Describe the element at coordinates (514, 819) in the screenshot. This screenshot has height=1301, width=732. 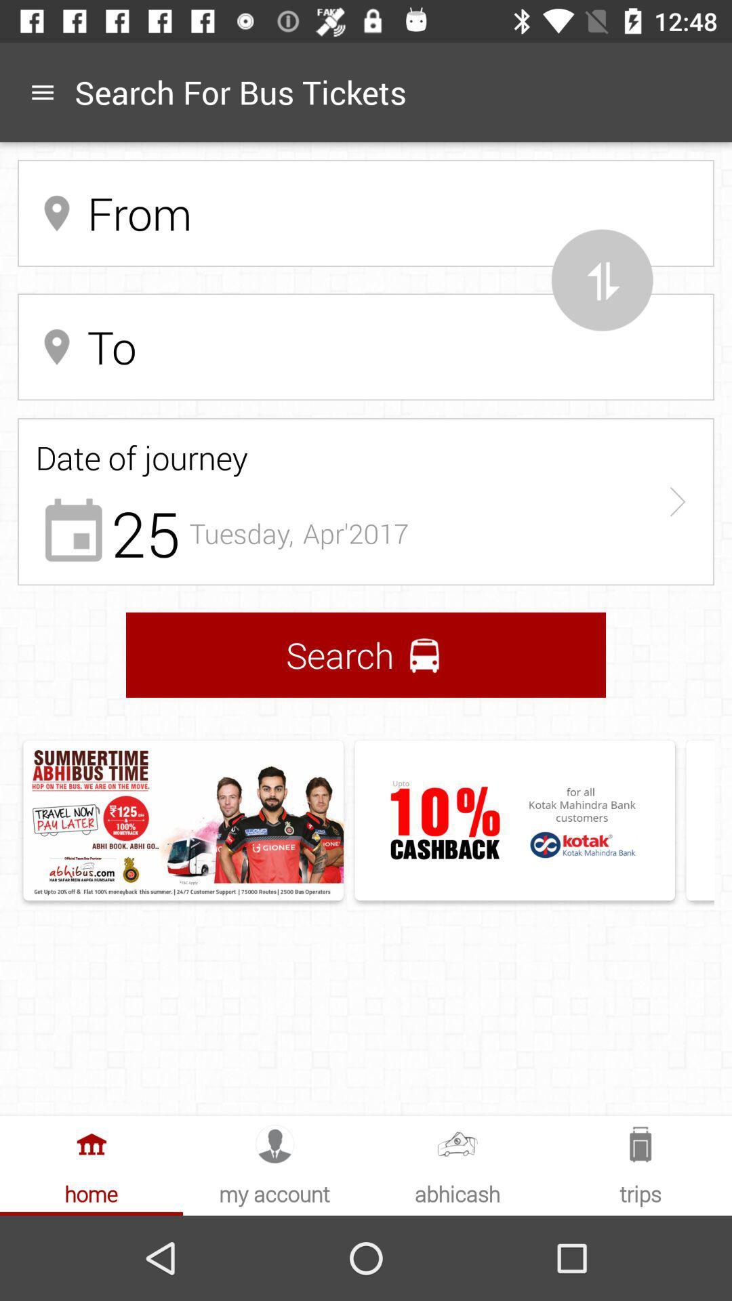
I see `the second image under the search` at that location.